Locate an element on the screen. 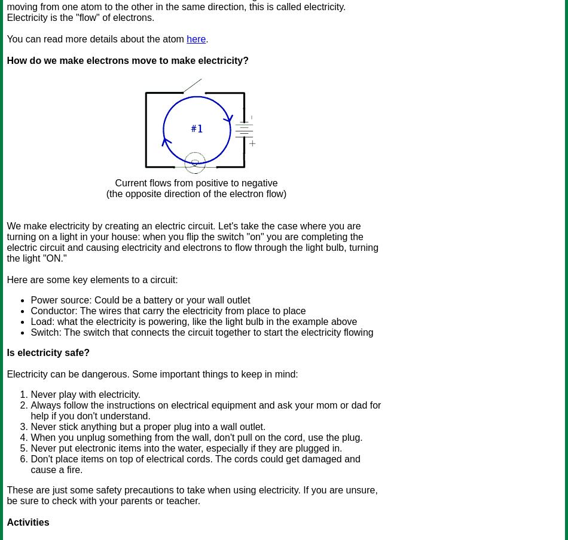 The width and height of the screenshot is (568, 540). 'When you unplug something from the wall, don't pull on the cord, use the plug.' is located at coordinates (196, 437).